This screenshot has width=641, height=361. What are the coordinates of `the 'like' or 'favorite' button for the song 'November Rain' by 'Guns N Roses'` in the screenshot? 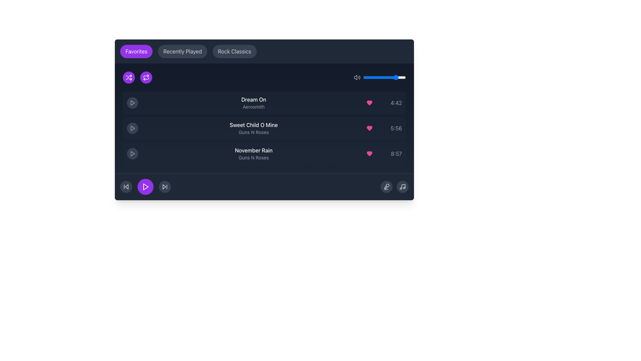 It's located at (369, 153).